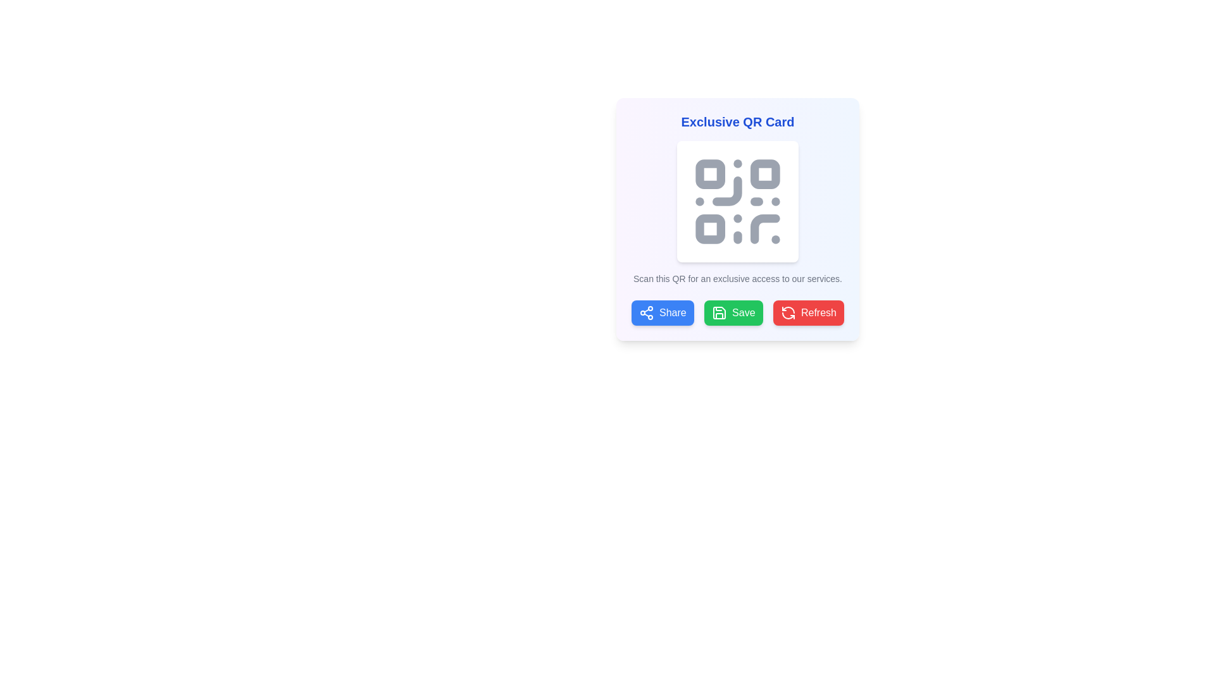  I want to click on the QR code in the 'Exclusive QR Card' element, so click(738, 219).